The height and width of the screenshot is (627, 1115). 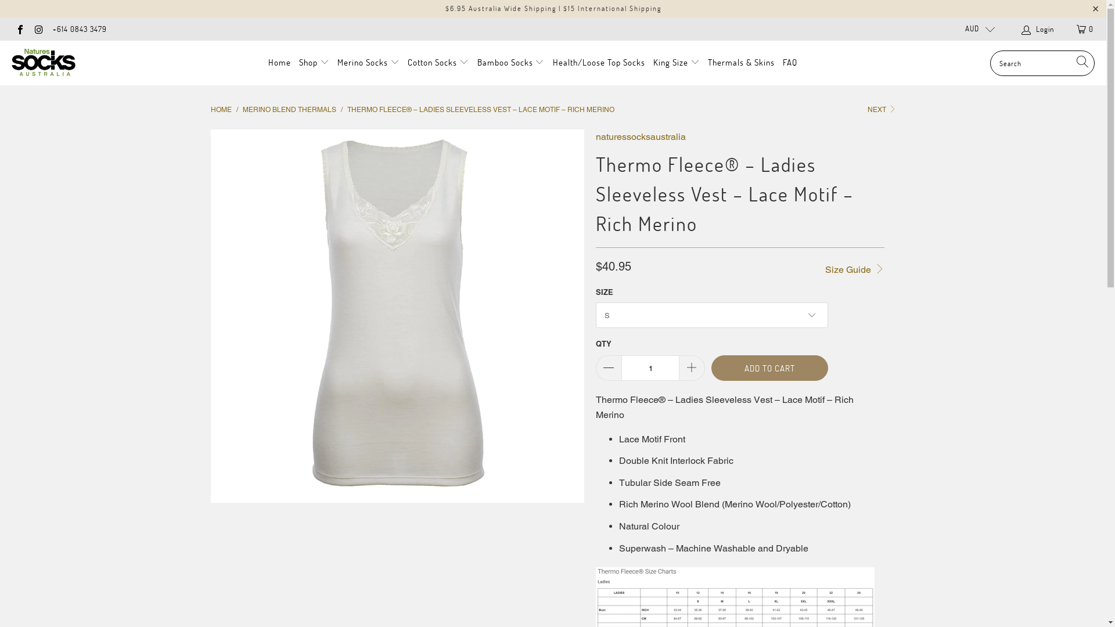 I want to click on 'naturessocksaustralia on Instagram', so click(x=38, y=28).